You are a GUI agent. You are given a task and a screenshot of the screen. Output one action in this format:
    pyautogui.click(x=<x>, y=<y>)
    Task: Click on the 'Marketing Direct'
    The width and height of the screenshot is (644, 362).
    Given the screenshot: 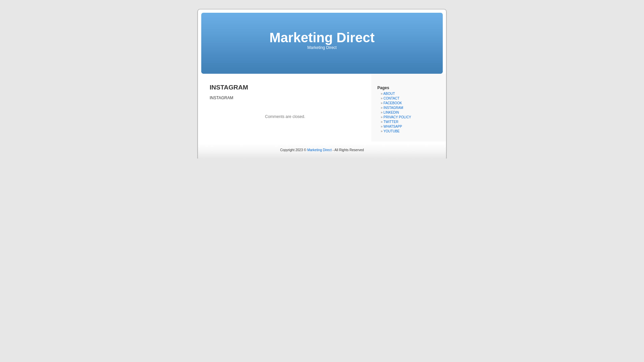 What is the action you would take?
    pyautogui.click(x=321, y=37)
    